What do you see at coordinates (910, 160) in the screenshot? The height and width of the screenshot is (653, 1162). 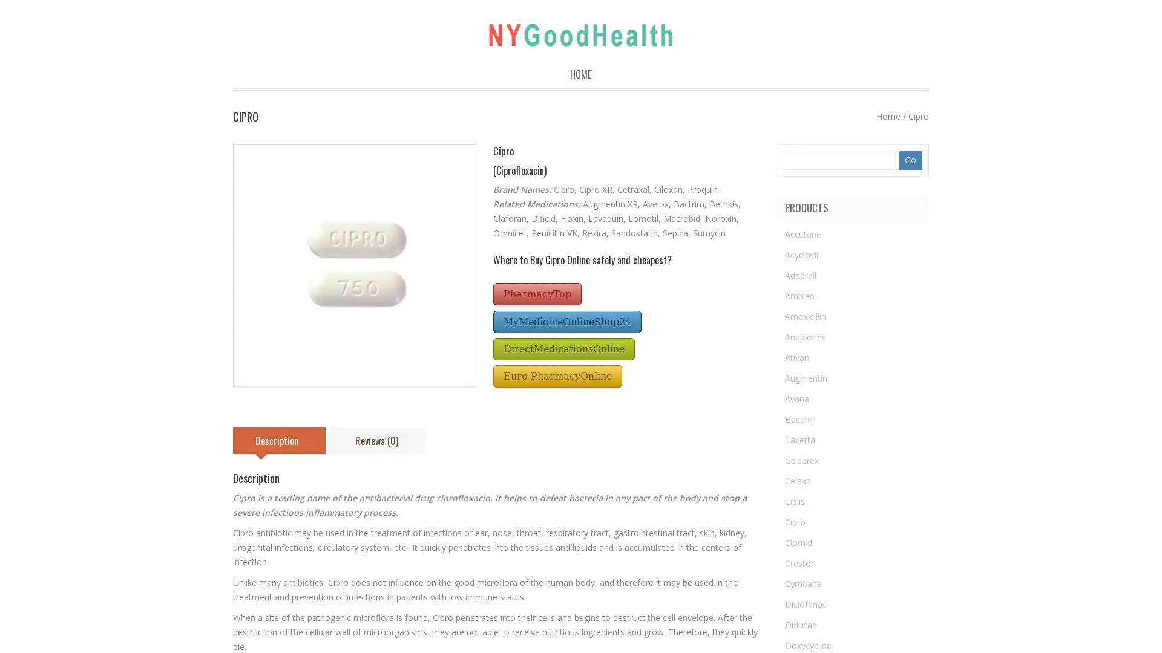 I see `Go` at bounding box center [910, 160].